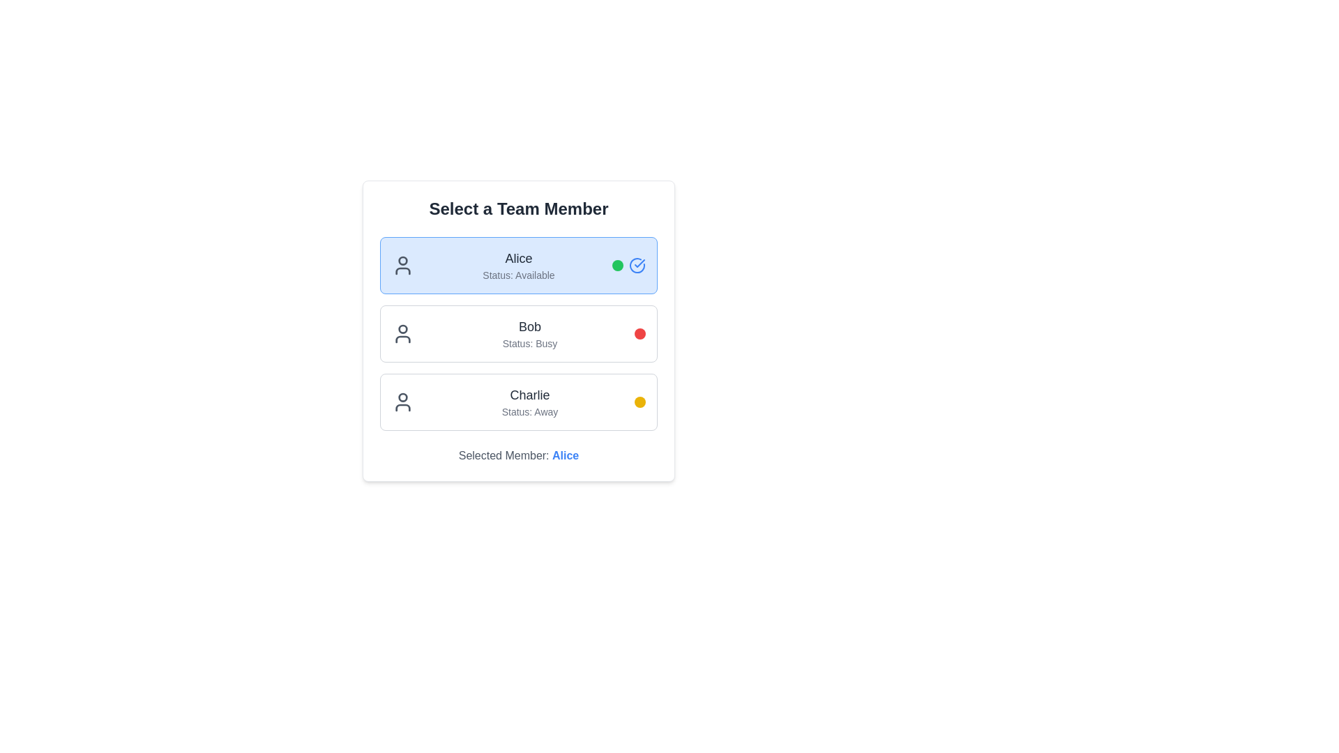 This screenshot has width=1339, height=753. I want to click on text from the Text Label that serves as a title for the associated team member, located above the 'Status: Busy' text in the second entry of the team member list, so click(529, 327).